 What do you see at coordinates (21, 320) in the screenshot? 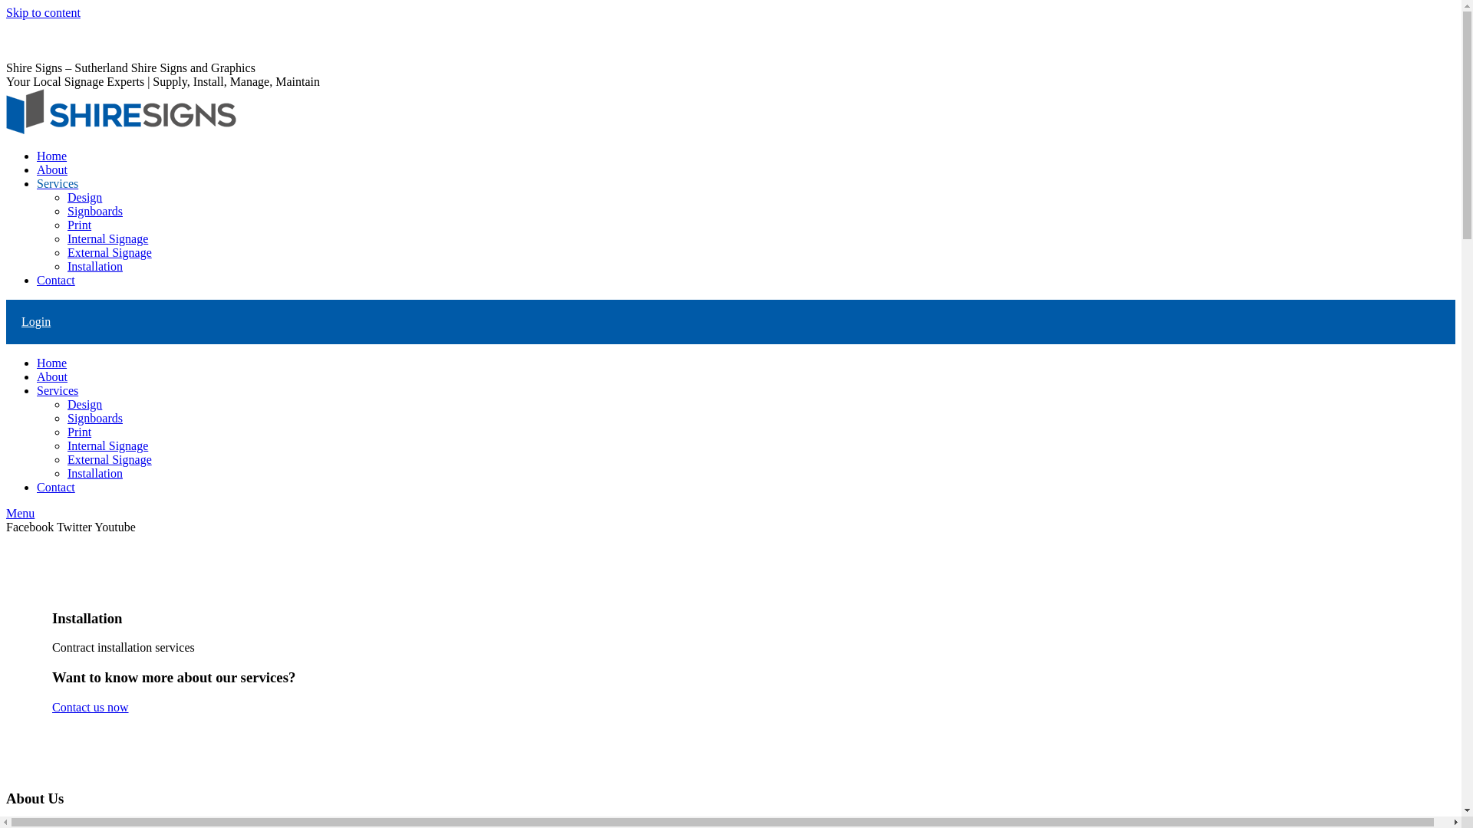
I see `'Login'` at bounding box center [21, 320].